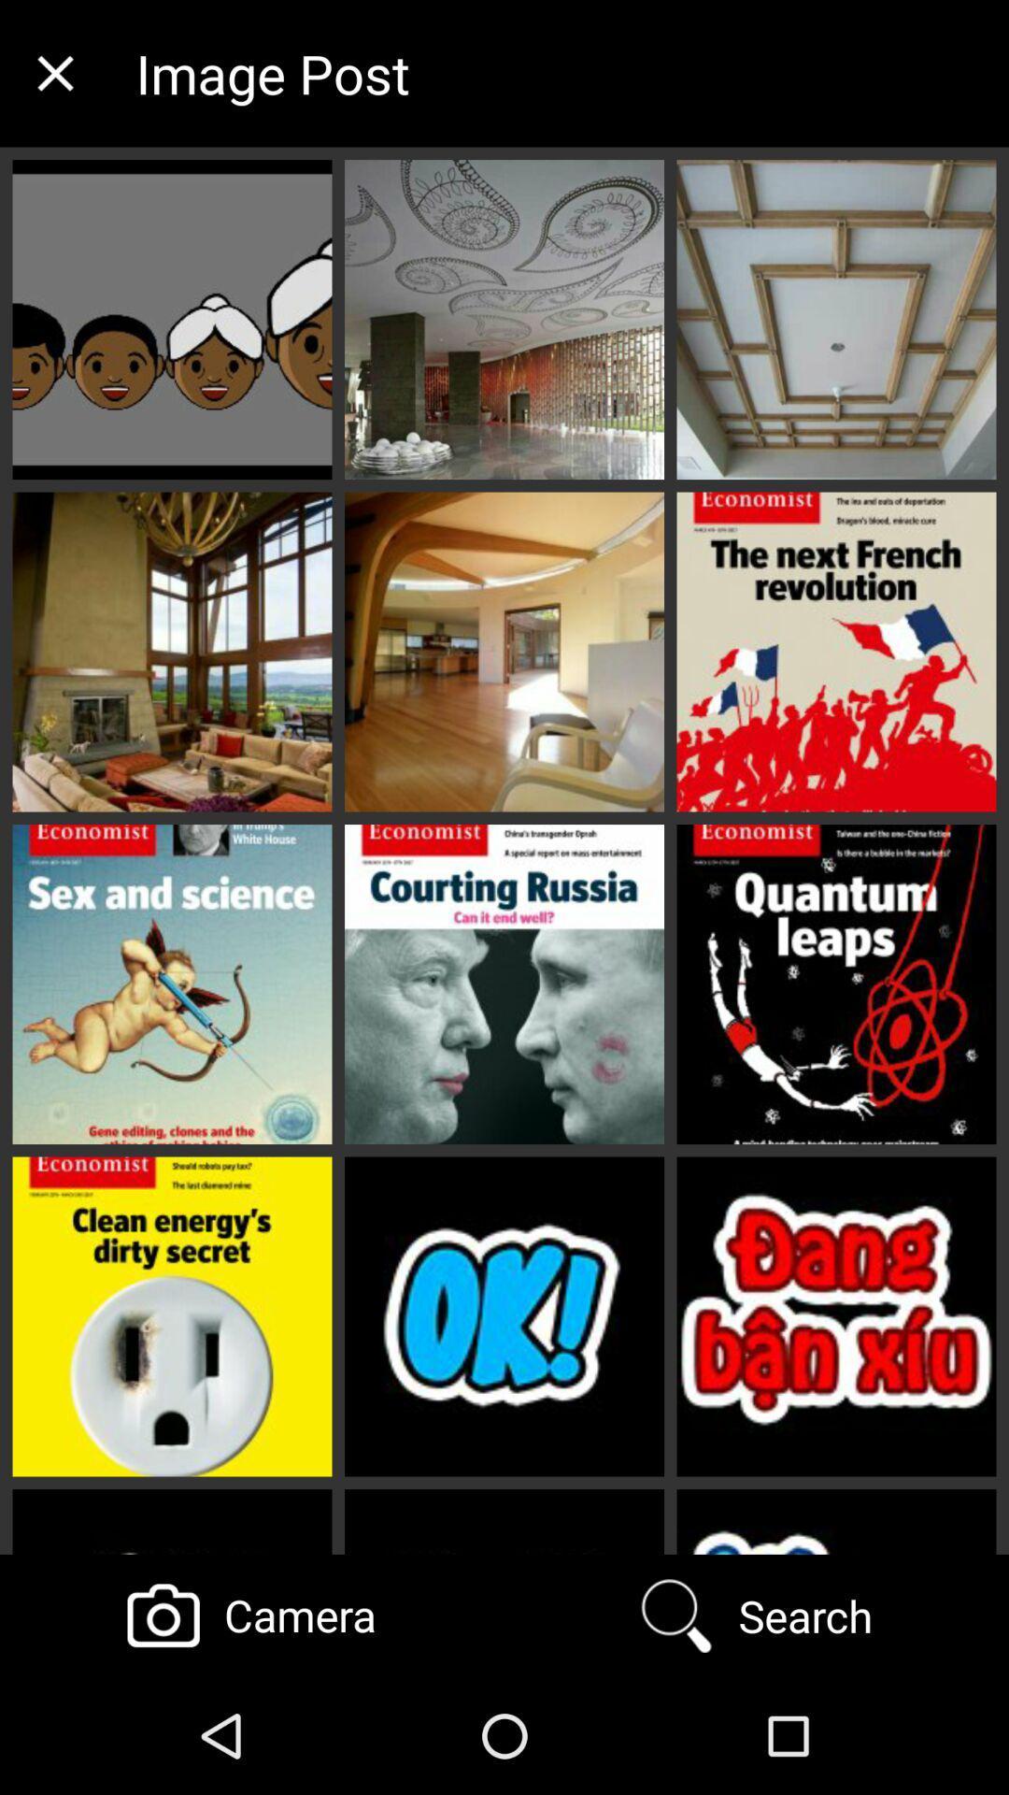 The height and width of the screenshot is (1795, 1009). What do you see at coordinates (504, 652) in the screenshot?
I see `the image second row middle one` at bounding box center [504, 652].